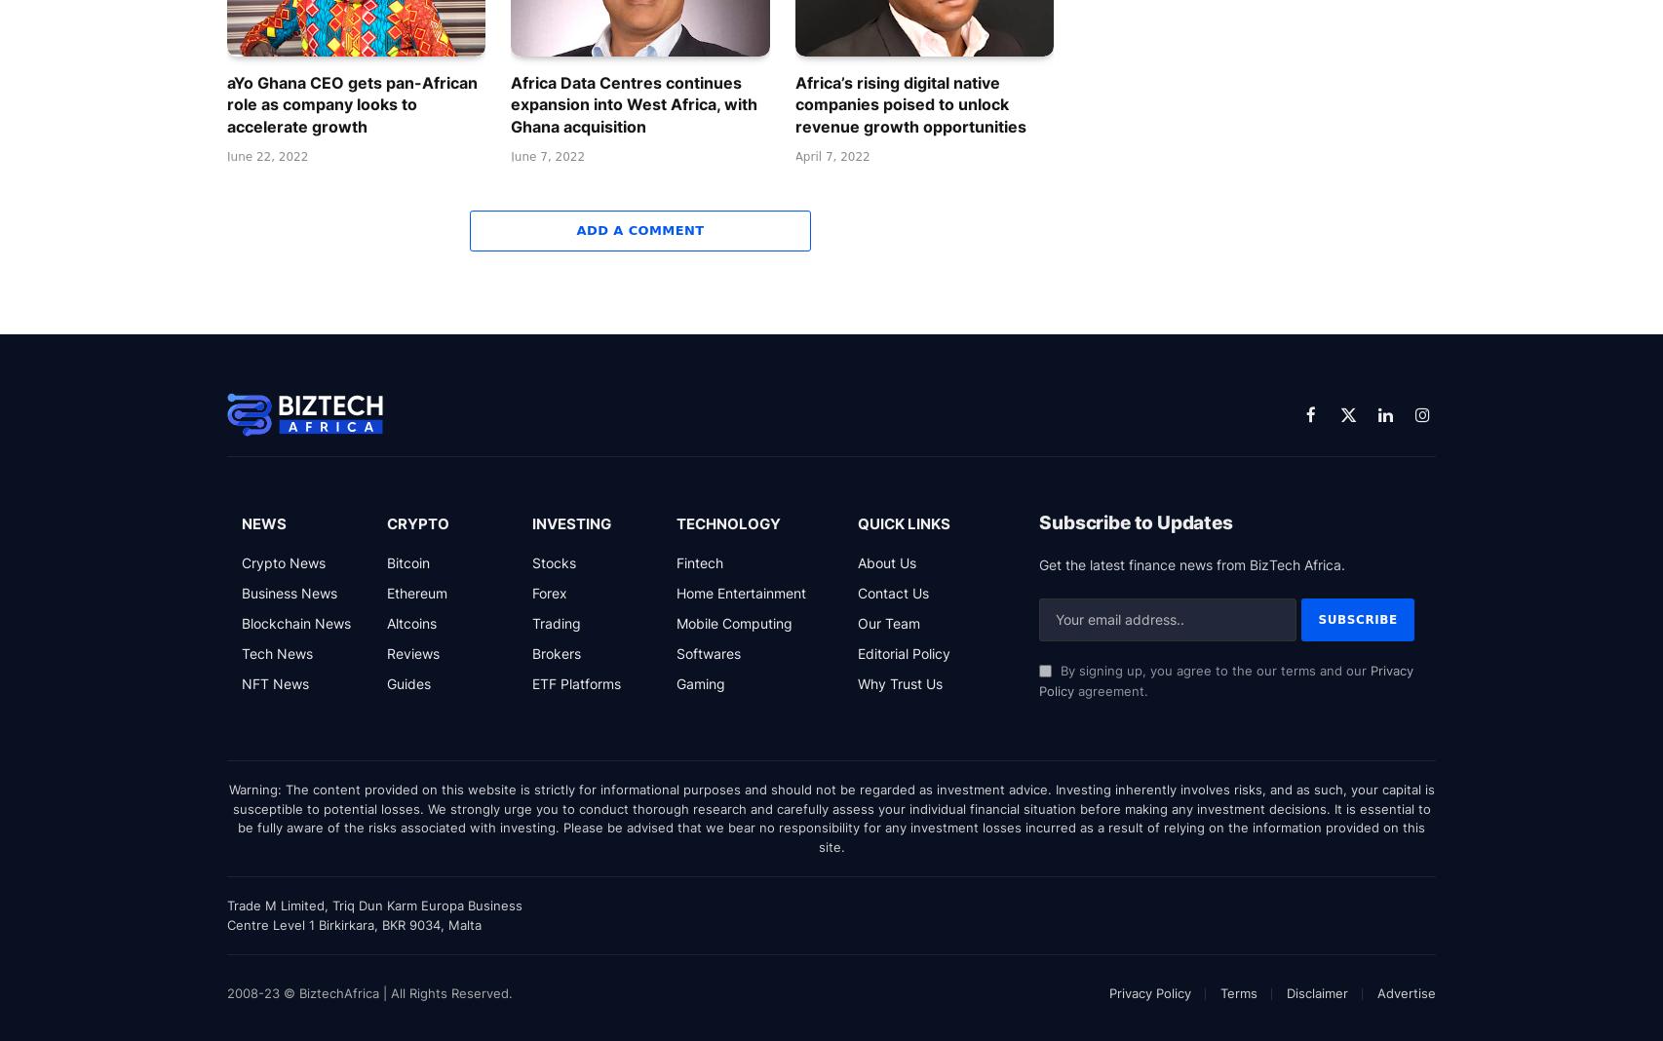  What do you see at coordinates (290, 591) in the screenshot?
I see `'Business News'` at bounding box center [290, 591].